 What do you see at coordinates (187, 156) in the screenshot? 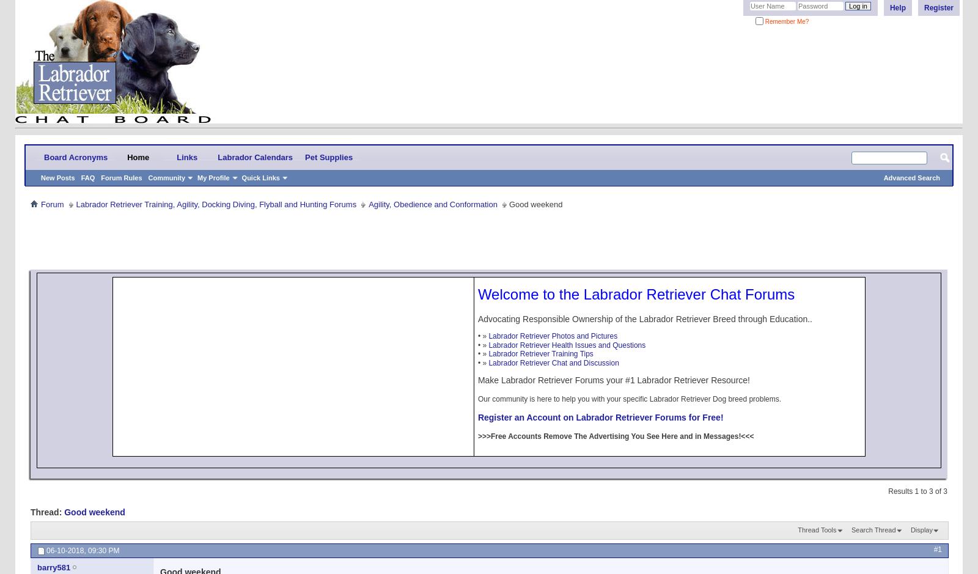
I see `'Links'` at bounding box center [187, 156].